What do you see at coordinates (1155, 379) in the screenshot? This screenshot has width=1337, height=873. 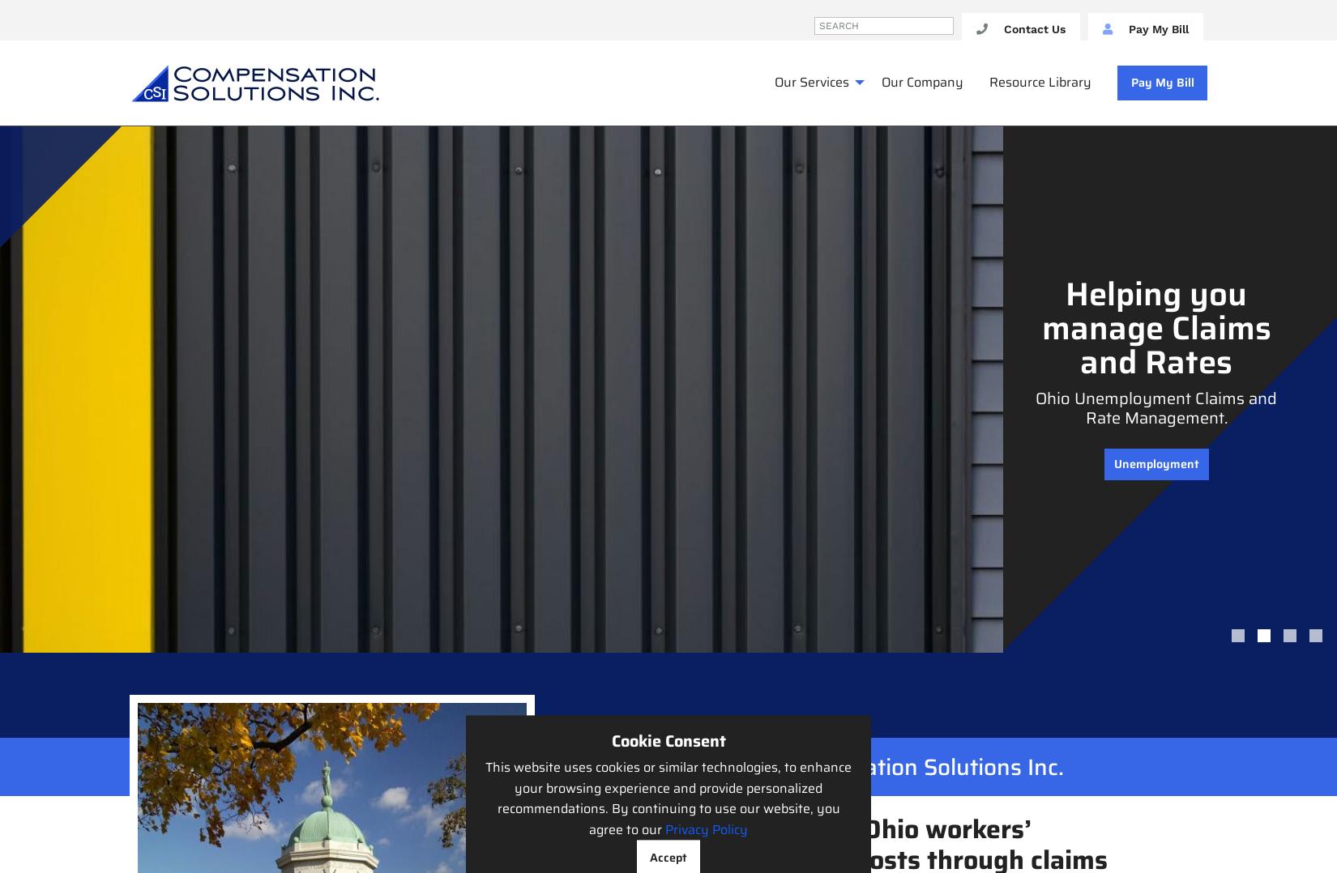 I see `'New Businesses Can Immediately Save 53%'` at bounding box center [1155, 379].